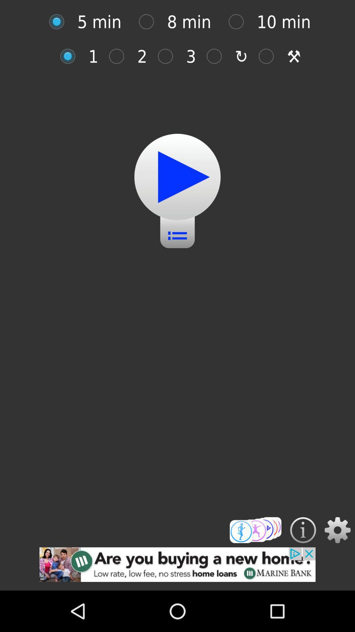 The width and height of the screenshot is (355, 632). What do you see at coordinates (303, 530) in the screenshot?
I see `details` at bounding box center [303, 530].